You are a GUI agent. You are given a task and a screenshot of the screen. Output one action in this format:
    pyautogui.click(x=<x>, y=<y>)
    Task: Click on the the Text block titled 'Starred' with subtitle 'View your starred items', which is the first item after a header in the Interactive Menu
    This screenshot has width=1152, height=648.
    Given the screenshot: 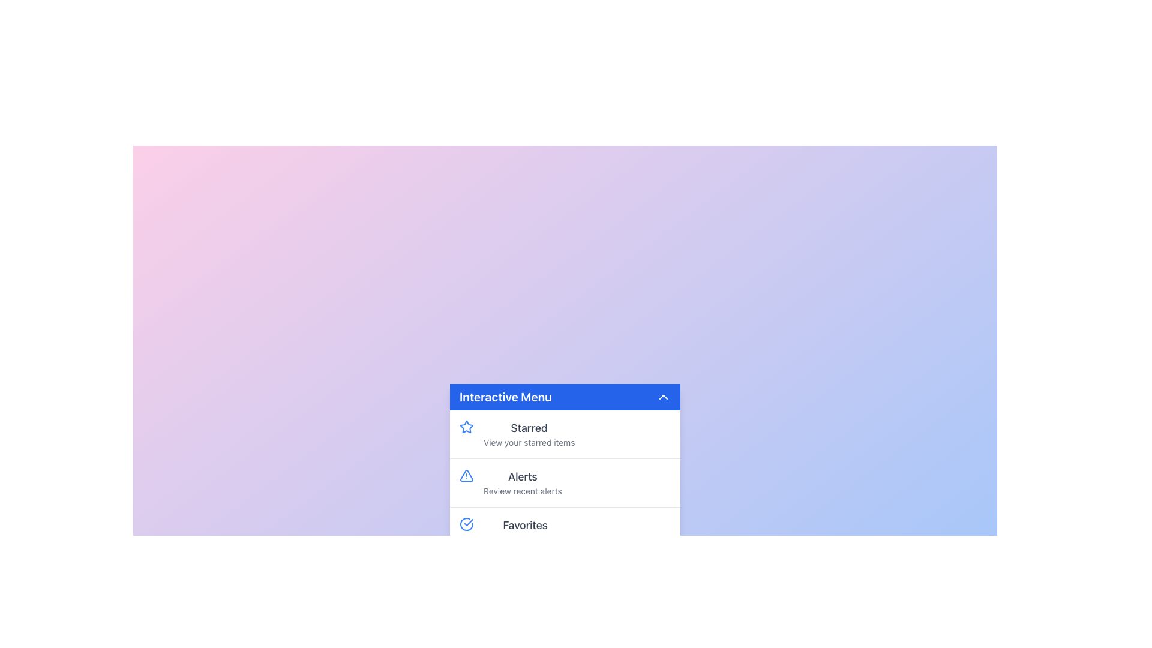 What is the action you would take?
    pyautogui.click(x=529, y=434)
    